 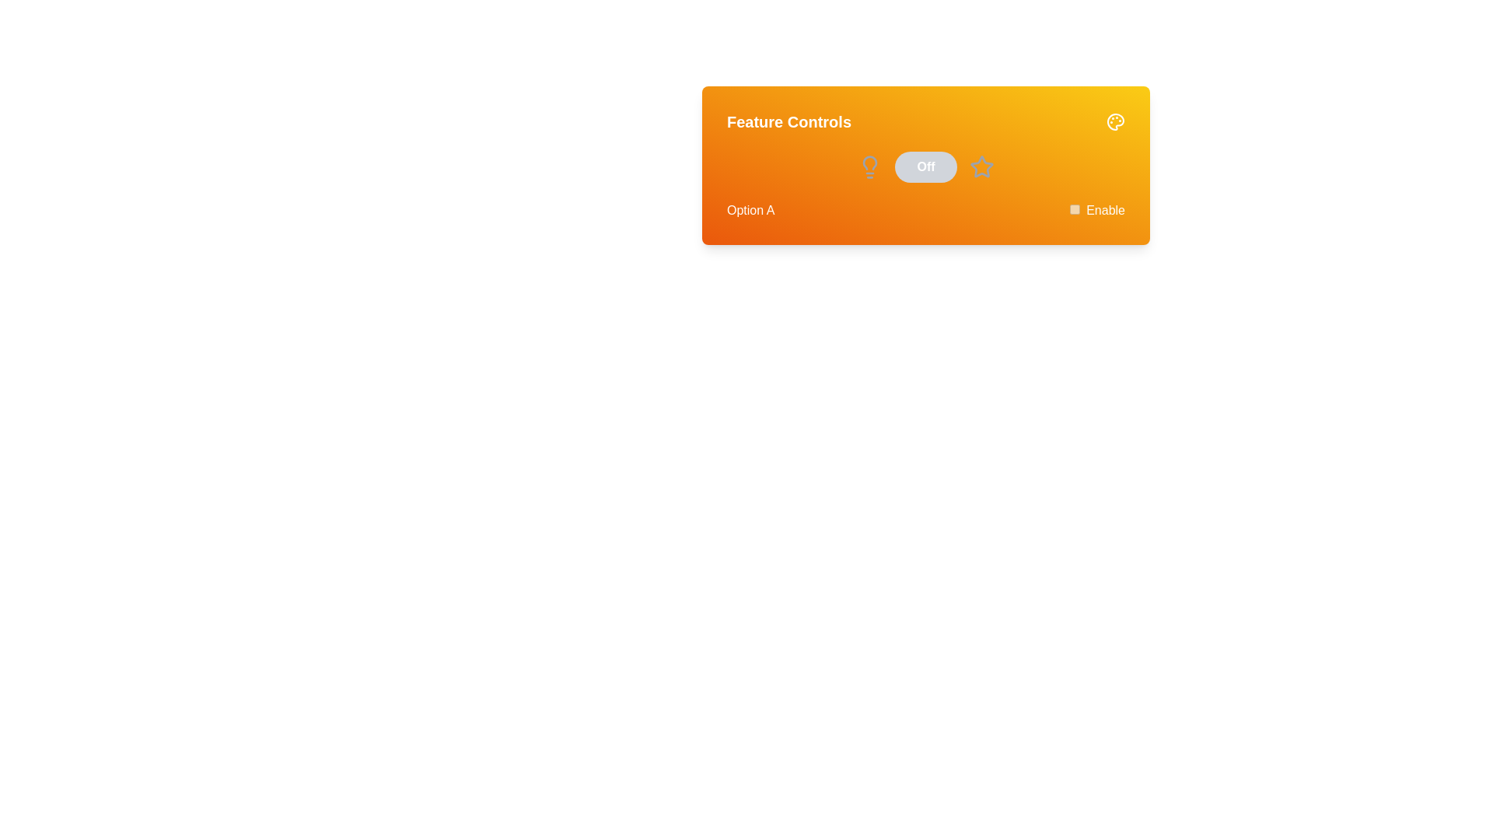 What do you see at coordinates (869, 167) in the screenshot?
I see `the lightbulb icon located on the far left of the feature area, which has a gray line-art design and is followed by the 'Off' button, by clicking it indirectly through related controls` at bounding box center [869, 167].